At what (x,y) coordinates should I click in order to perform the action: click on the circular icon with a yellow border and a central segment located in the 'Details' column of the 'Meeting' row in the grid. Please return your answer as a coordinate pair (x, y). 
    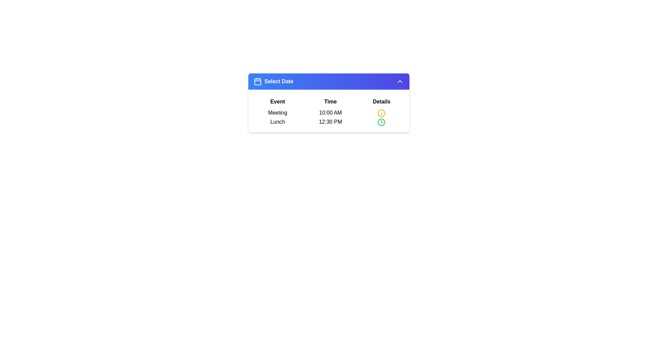
    Looking at the image, I should click on (381, 113).